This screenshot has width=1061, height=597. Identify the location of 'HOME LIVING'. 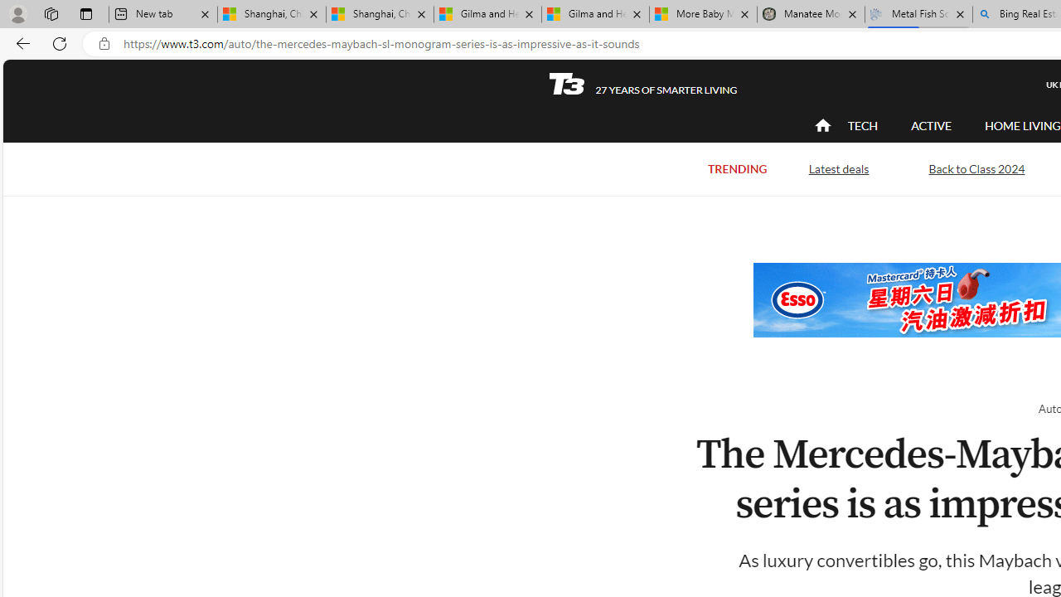
(1021, 124).